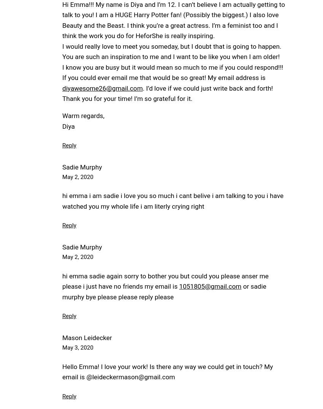 The image size is (323, 409). I want to click on 'I would really love to meet you someday, but I doubt that is going to happen.  You are such an inspiration to me and I want to be like you when I am older!', so click(171, 51).